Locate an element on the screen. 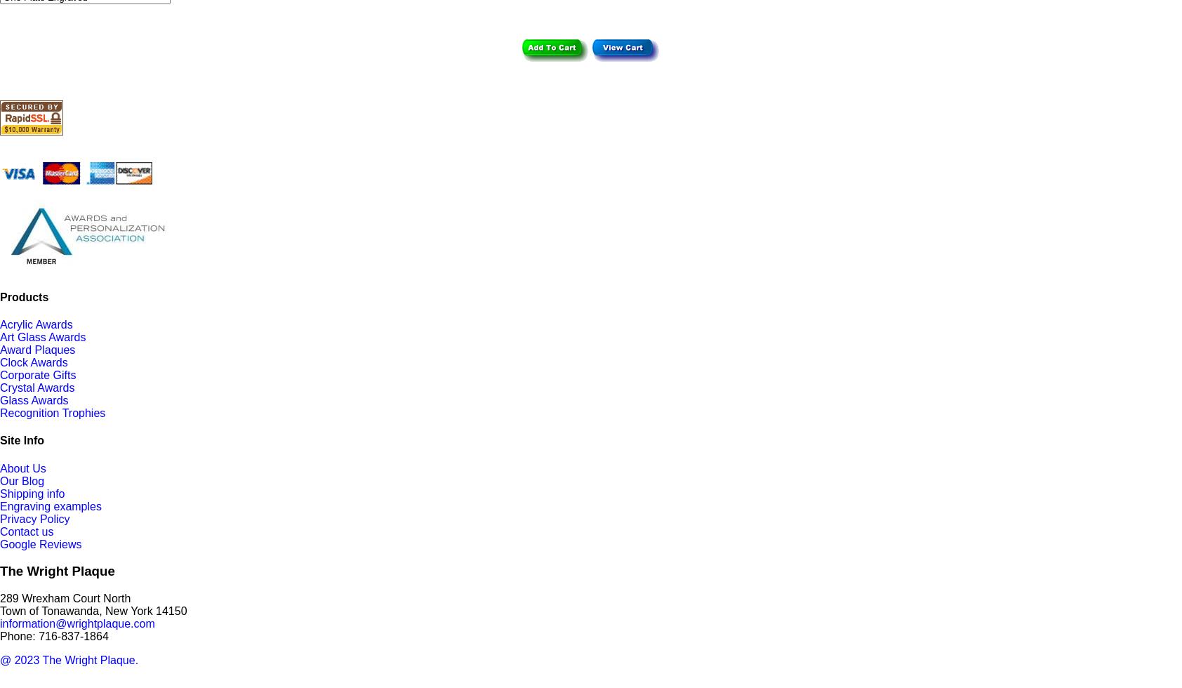 The height and width of the screenshot is (688, 1182). 'Products' is located at coordinates (0, 296).